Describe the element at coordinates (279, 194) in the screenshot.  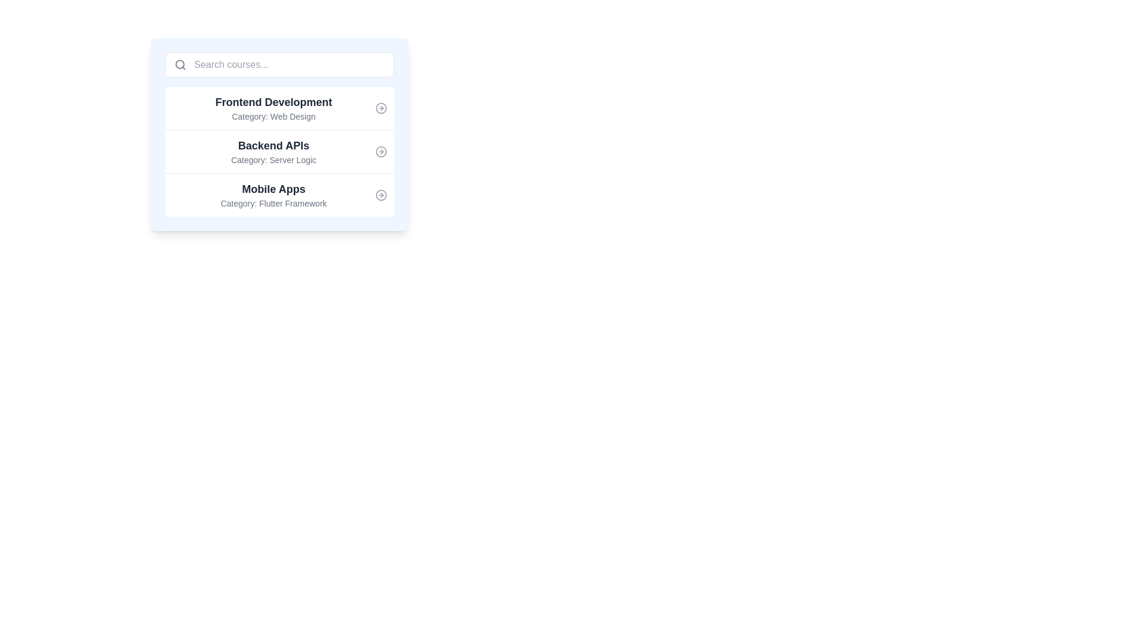
I see `the button labeled 'Mobile Apps' which is the third item in a vertically stacked list, featuring a subtitle 'Category: Flutter Framework' and an arrow icon to the right` at that location.